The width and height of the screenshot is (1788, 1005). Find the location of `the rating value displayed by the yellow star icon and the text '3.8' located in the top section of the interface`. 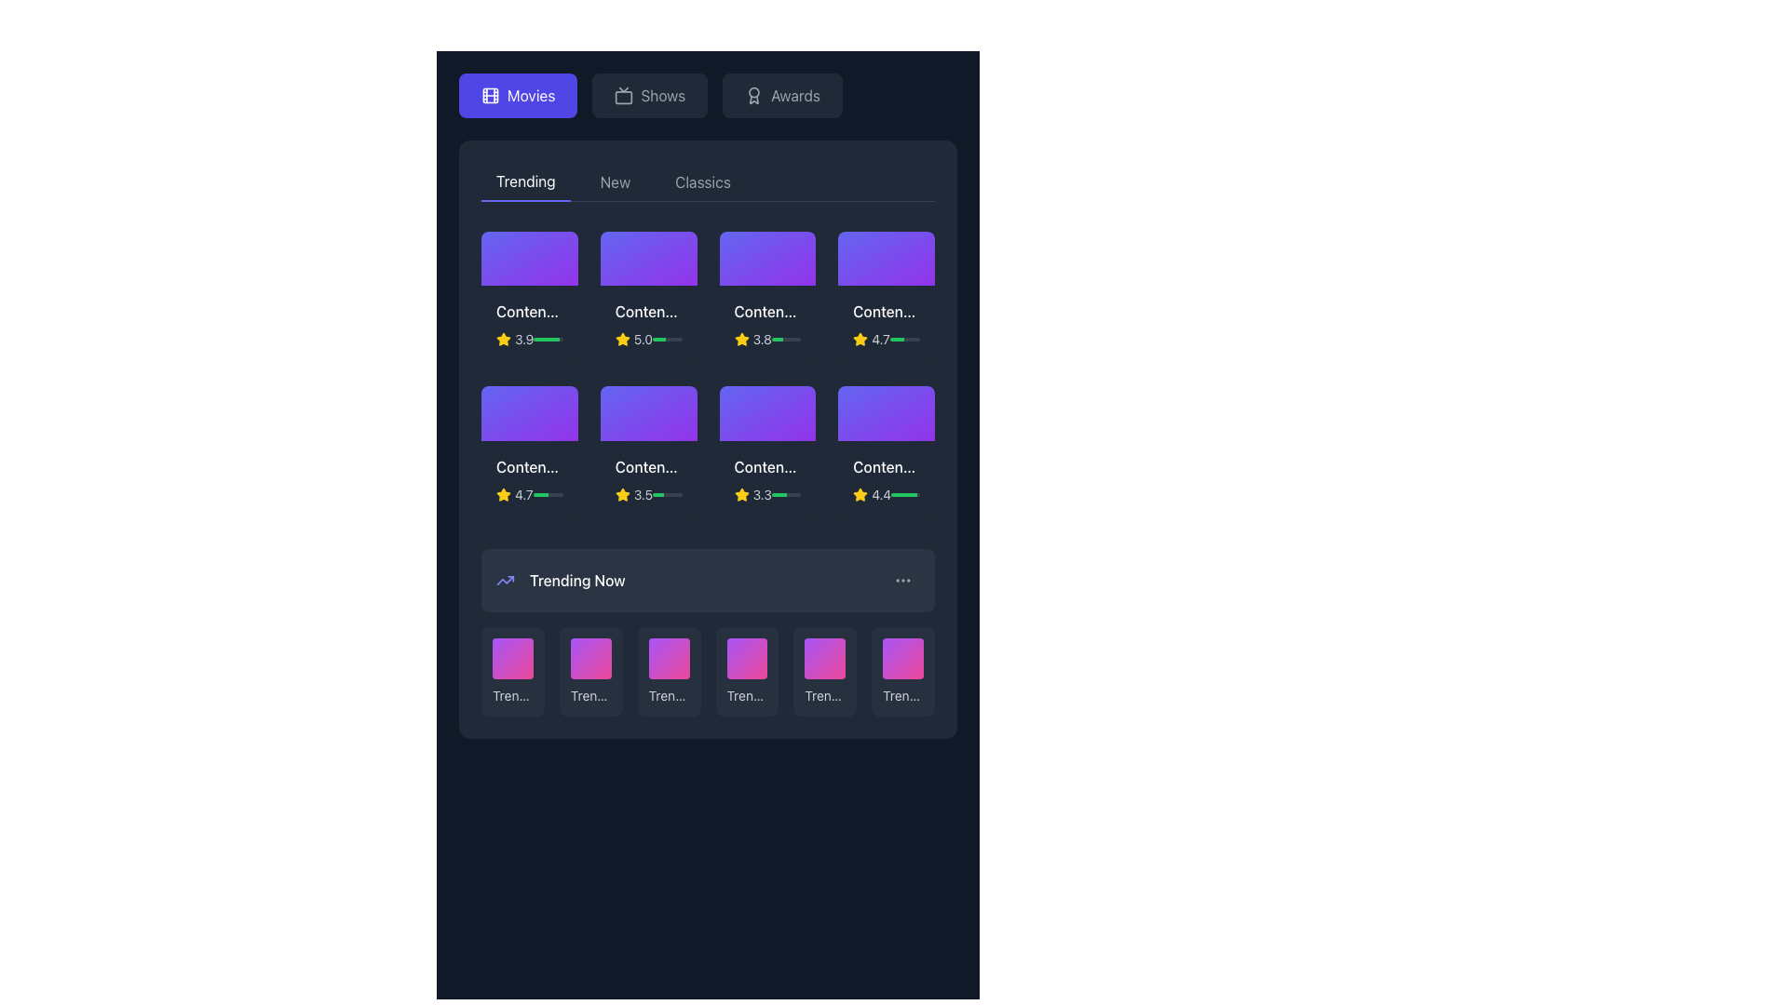

the rating value displayed by the yellow star icon and the text '3.8' located in the top section of the interface is located at coordinates (752, 340).